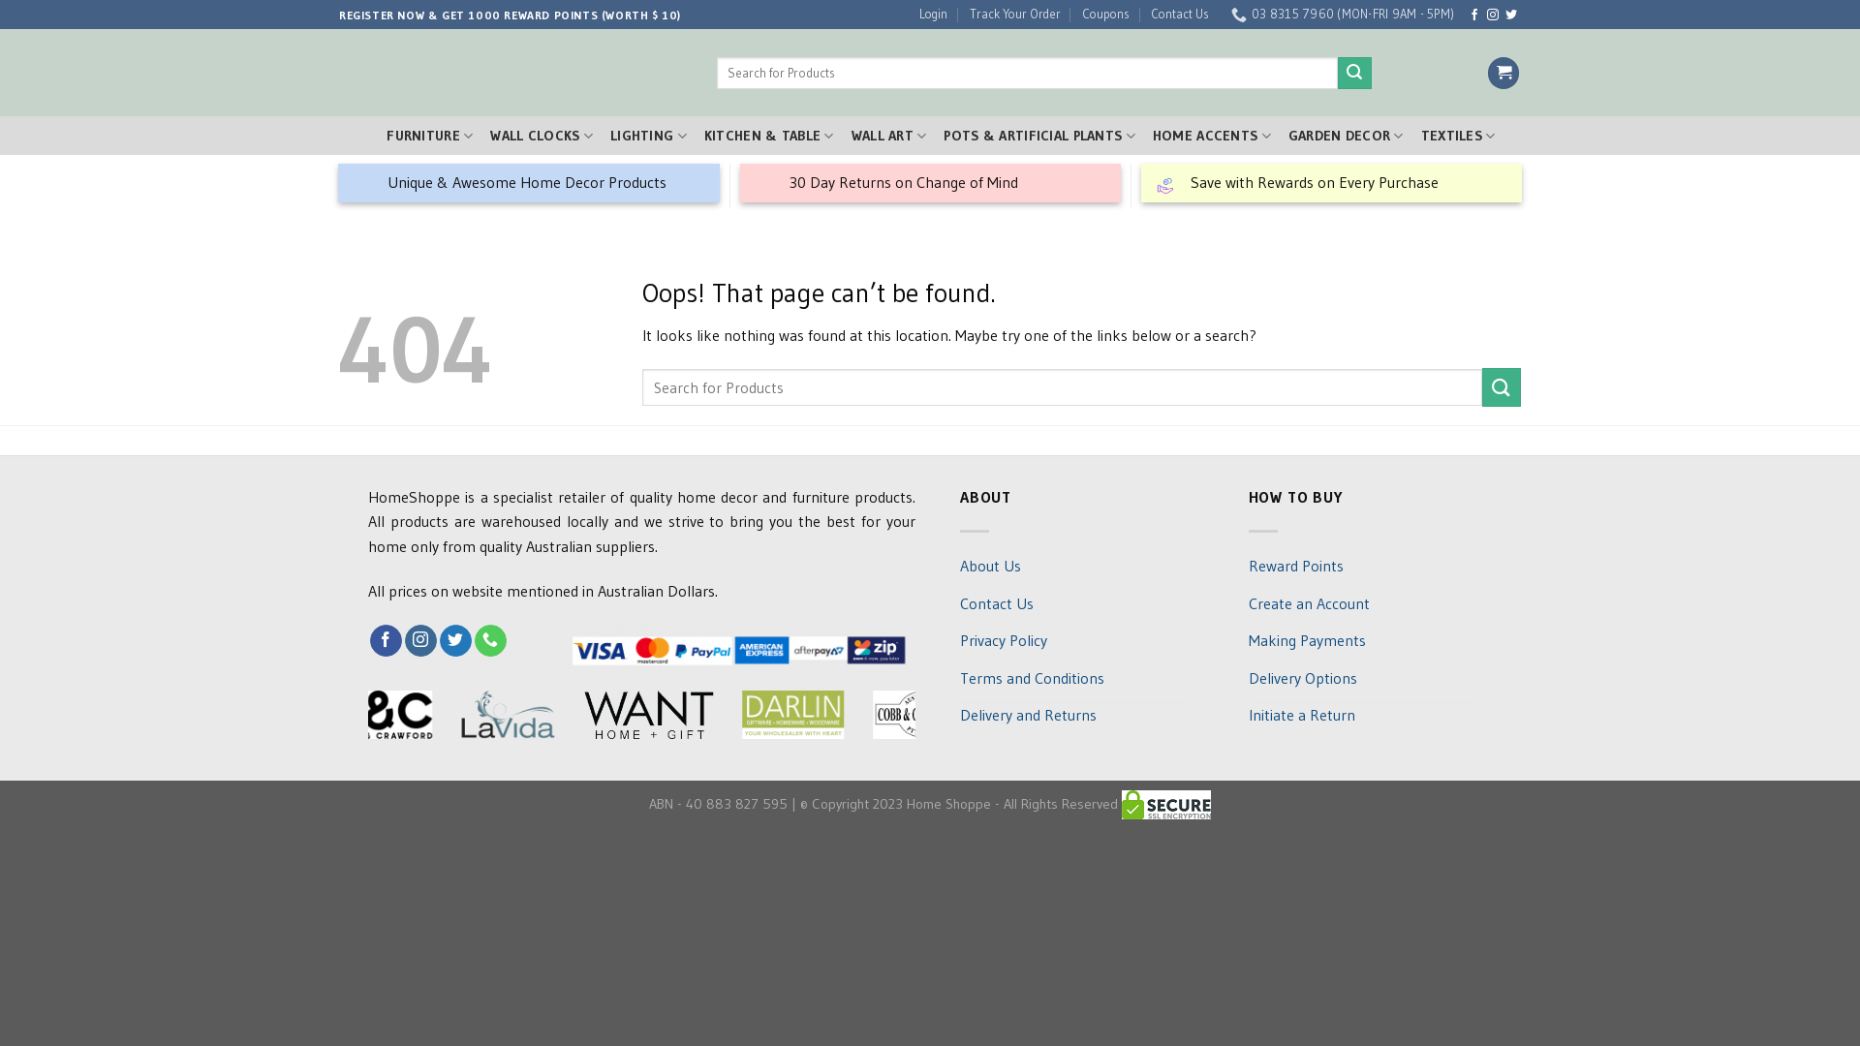  What do you see at coordinates (959, 716) in the screenshot?
I see `'Delivery and Returns'` at bounding box center [959, 716].